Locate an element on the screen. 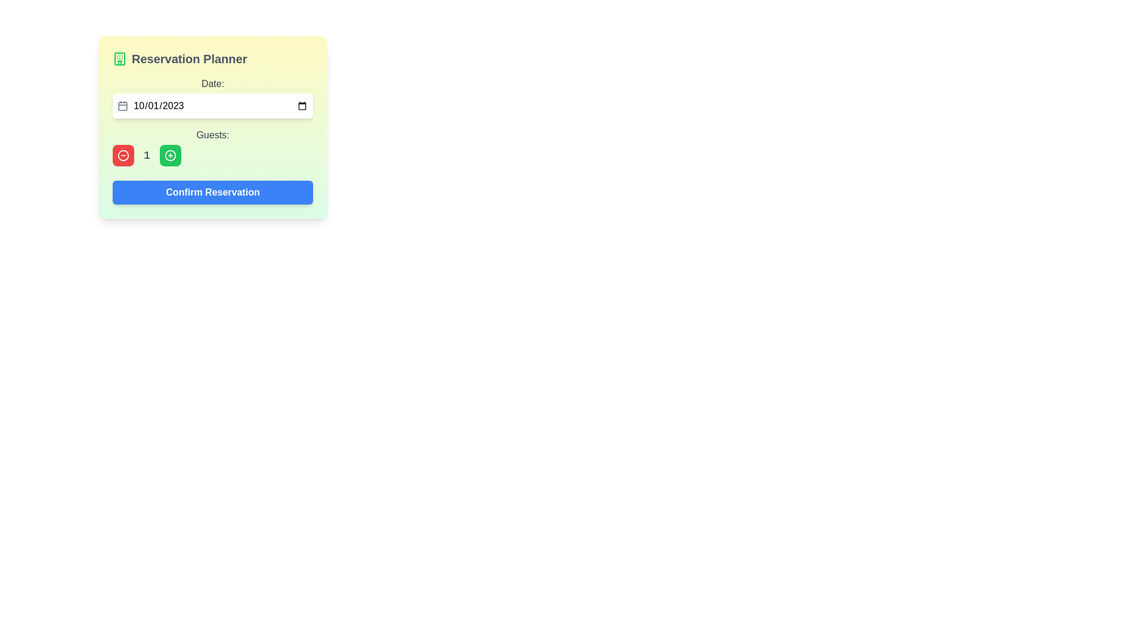 The image size is (1145, 644). the text label that describes the date input field in the 'Reservation Planner' form, located at the top-left quadrant above the date input field is located at coordinates (212, 83).